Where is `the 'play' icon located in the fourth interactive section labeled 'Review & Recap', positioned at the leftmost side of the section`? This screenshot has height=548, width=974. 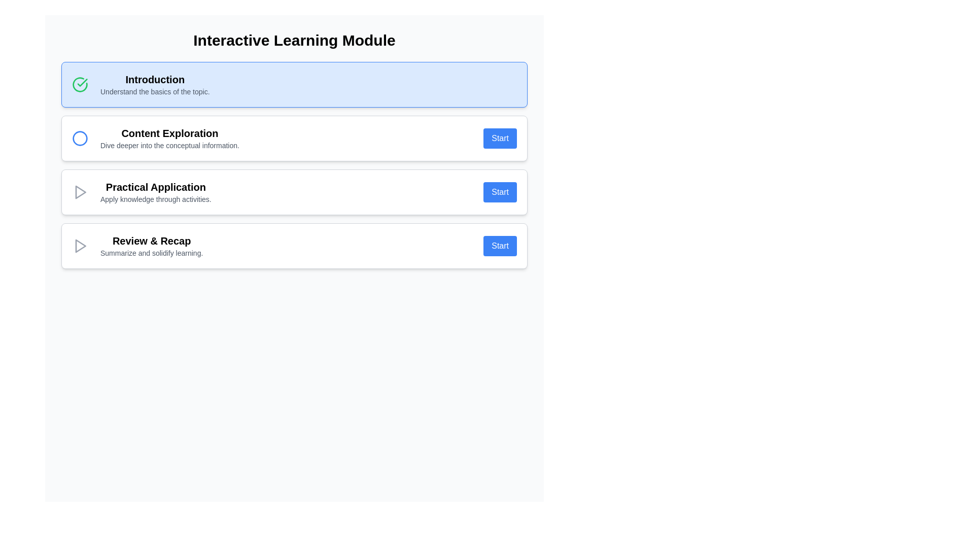
the 'play' icon located in the fourth interactive section labeled 'Review & Recap', positioned at the leftmost side of the section is located at coordinates (80, 246).